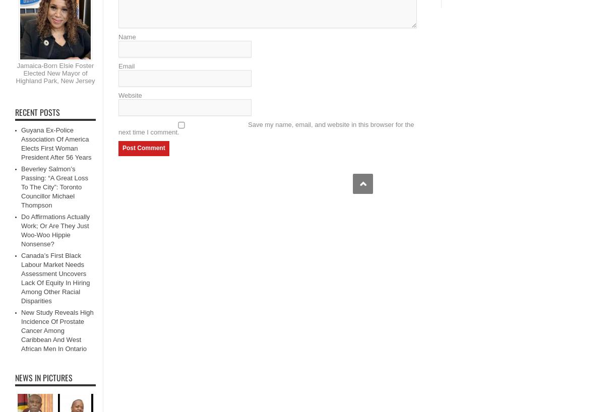  Describe the element at coordinates (57, 330) in the screenshot. I see `'New Study Reveals High Incidence Of Prostate Cancer Among Caribbean And West African Men In Ontario'` at that location.